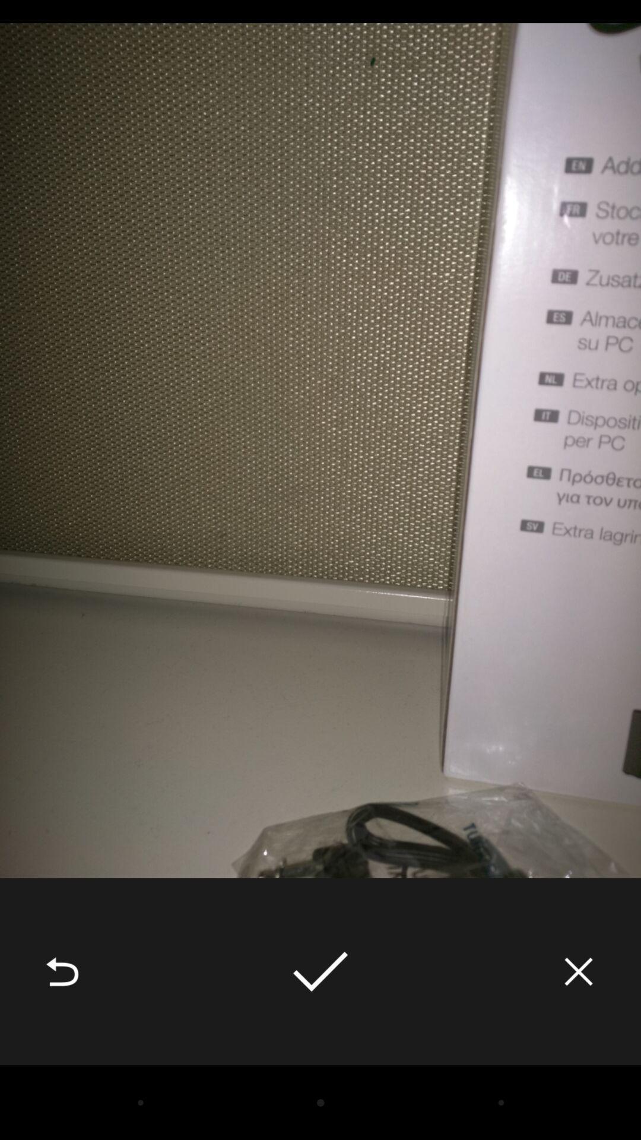  I want to click on the icon at the bottom left corner, so click(62, 971).